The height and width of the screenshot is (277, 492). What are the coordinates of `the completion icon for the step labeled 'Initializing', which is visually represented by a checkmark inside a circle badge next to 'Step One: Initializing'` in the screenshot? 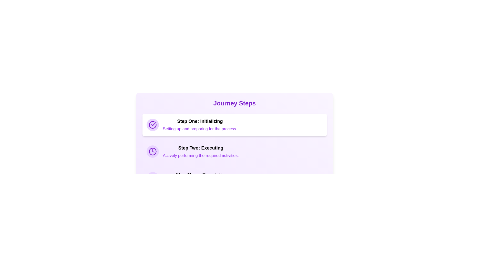 It's located at (153, 124).